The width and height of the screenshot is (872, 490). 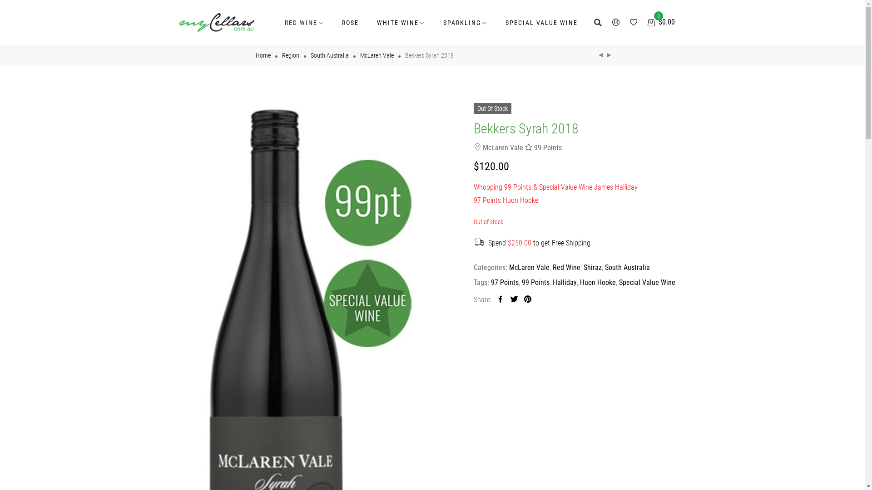 What do you see at coordinates (514, 299) in the screenshot?
I see `'Share to twitter'` at bounding box center [514, 299].